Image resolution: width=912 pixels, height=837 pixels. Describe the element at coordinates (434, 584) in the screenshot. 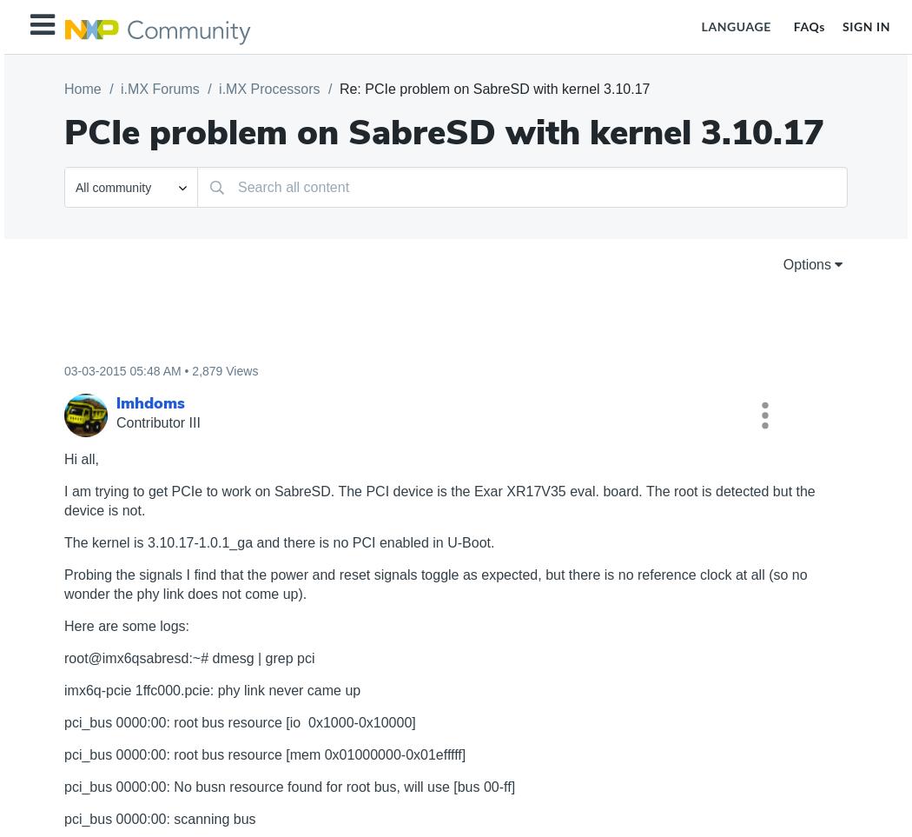

I see `'Probing the signals I find that the power and reset signals toggle as expected, but there is no reference clock at all (so no wonder the phy link does not come up).'` at that location.